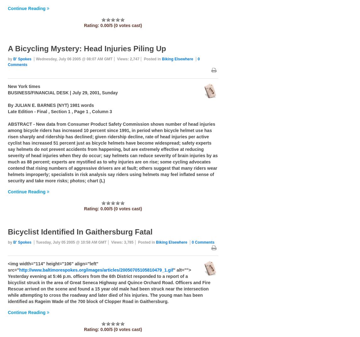  I want to click on 'Views: 2,747', so click(128, 59).